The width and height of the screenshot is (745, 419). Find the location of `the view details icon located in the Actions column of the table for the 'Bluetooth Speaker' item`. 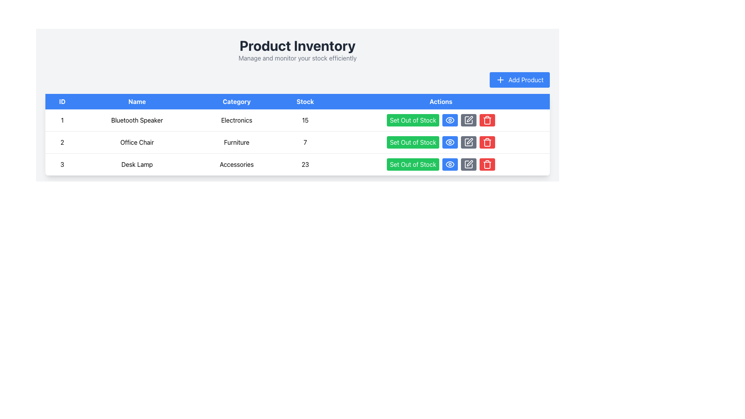

the view details icon located in the Actions column of the table for the 'Bluetooth Speaker' item is located at coordinates (450, 120).